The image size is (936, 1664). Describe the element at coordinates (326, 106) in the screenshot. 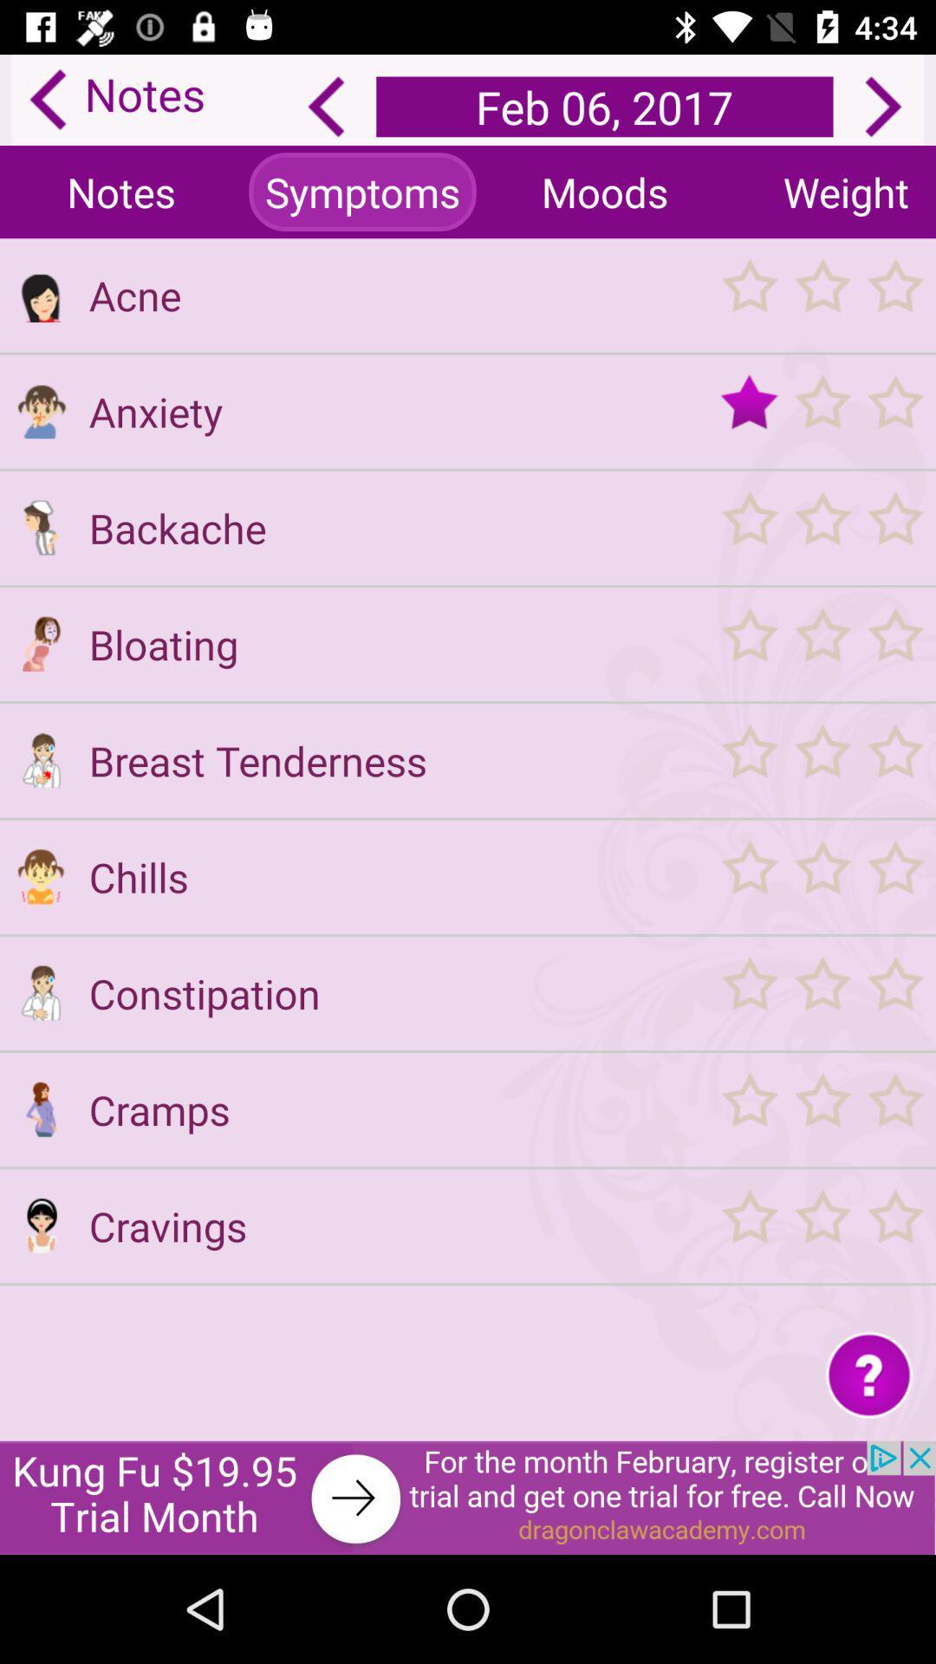

I see `the arrow_backward icon` at that location.